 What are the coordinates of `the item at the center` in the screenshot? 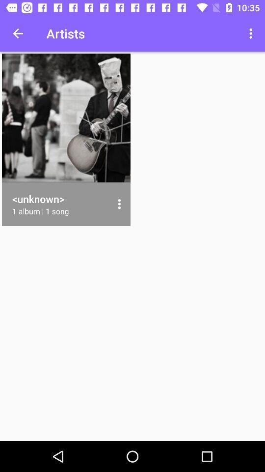 It's located at (119, 204).